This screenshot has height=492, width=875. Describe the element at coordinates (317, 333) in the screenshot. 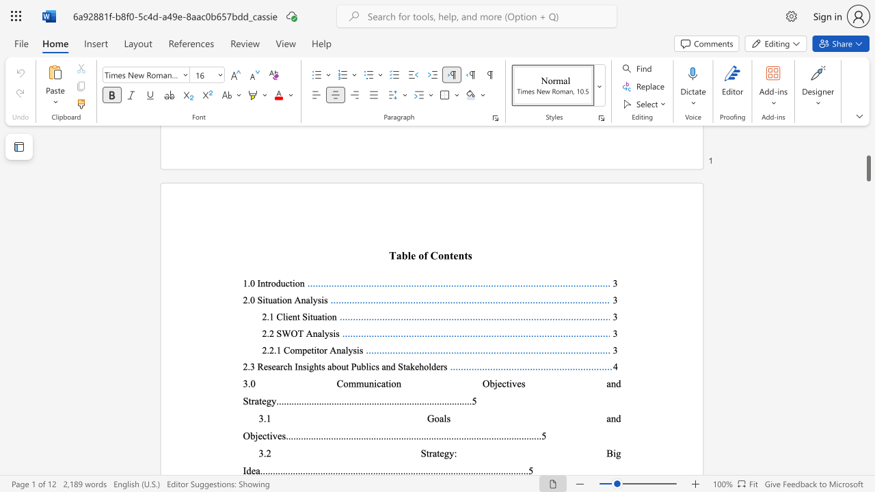

I see `the subset text "al" within the text "2.2 SWOT Analysis"` at that location.